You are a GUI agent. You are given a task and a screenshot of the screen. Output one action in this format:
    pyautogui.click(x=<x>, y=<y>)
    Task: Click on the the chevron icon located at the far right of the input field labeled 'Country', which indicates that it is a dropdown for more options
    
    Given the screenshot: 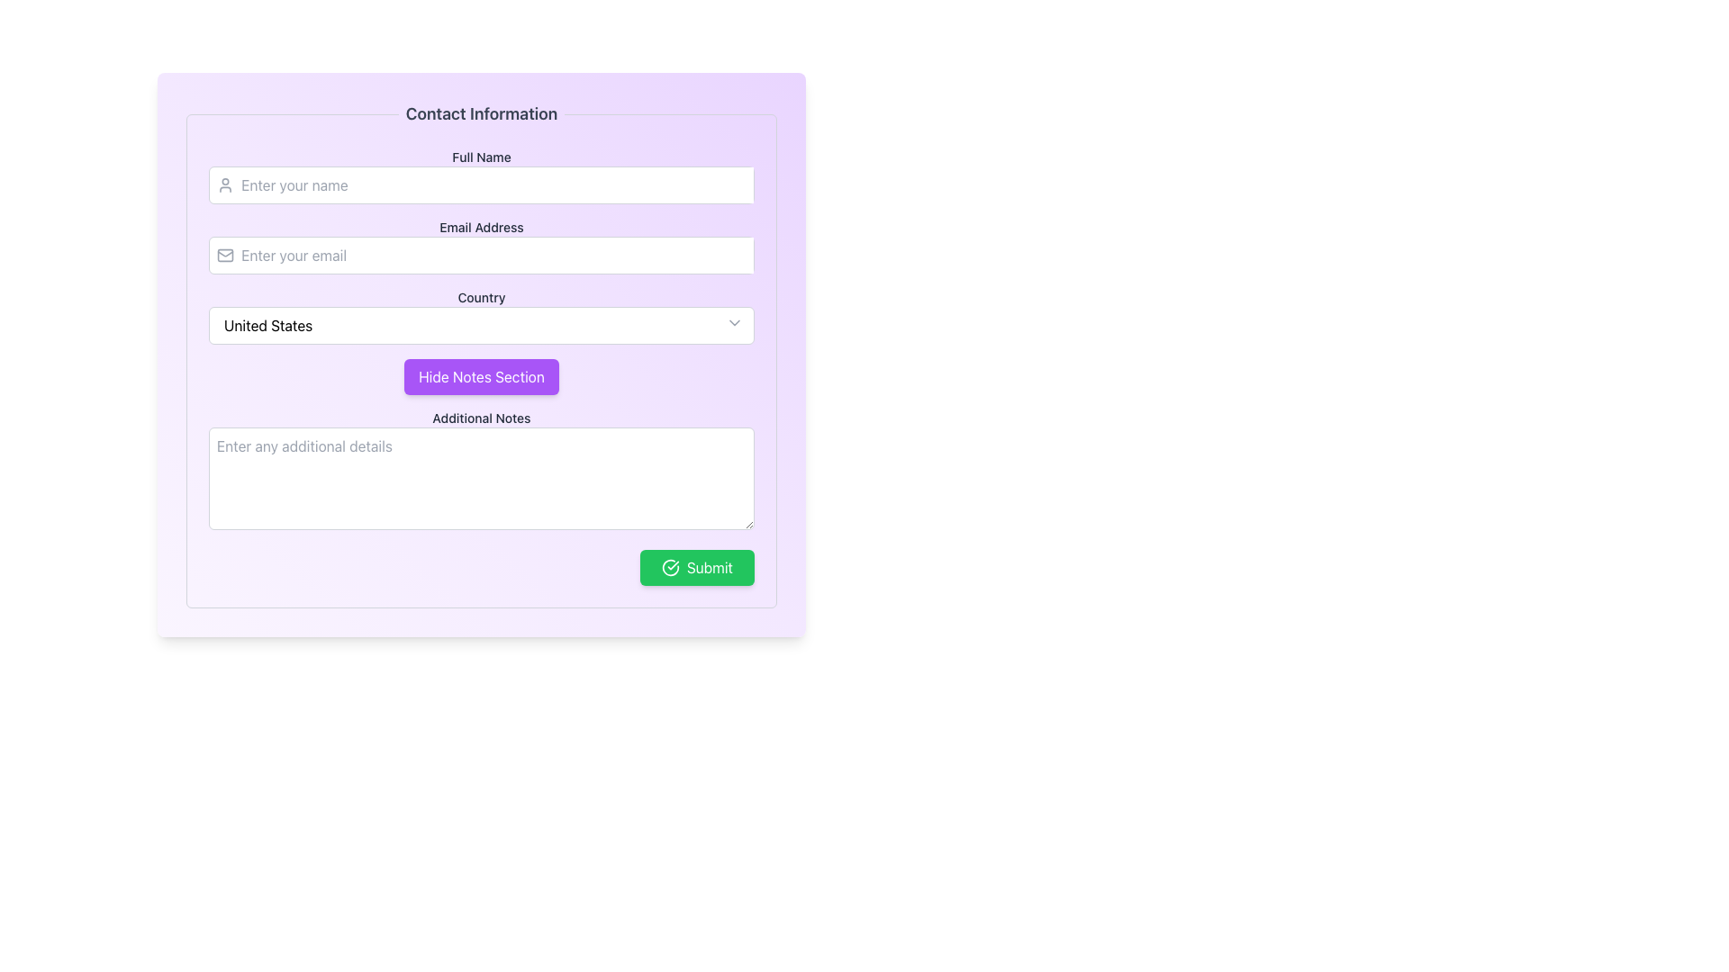 What is the action you would take?
    pyautogui.click(x=735, y=321)
    